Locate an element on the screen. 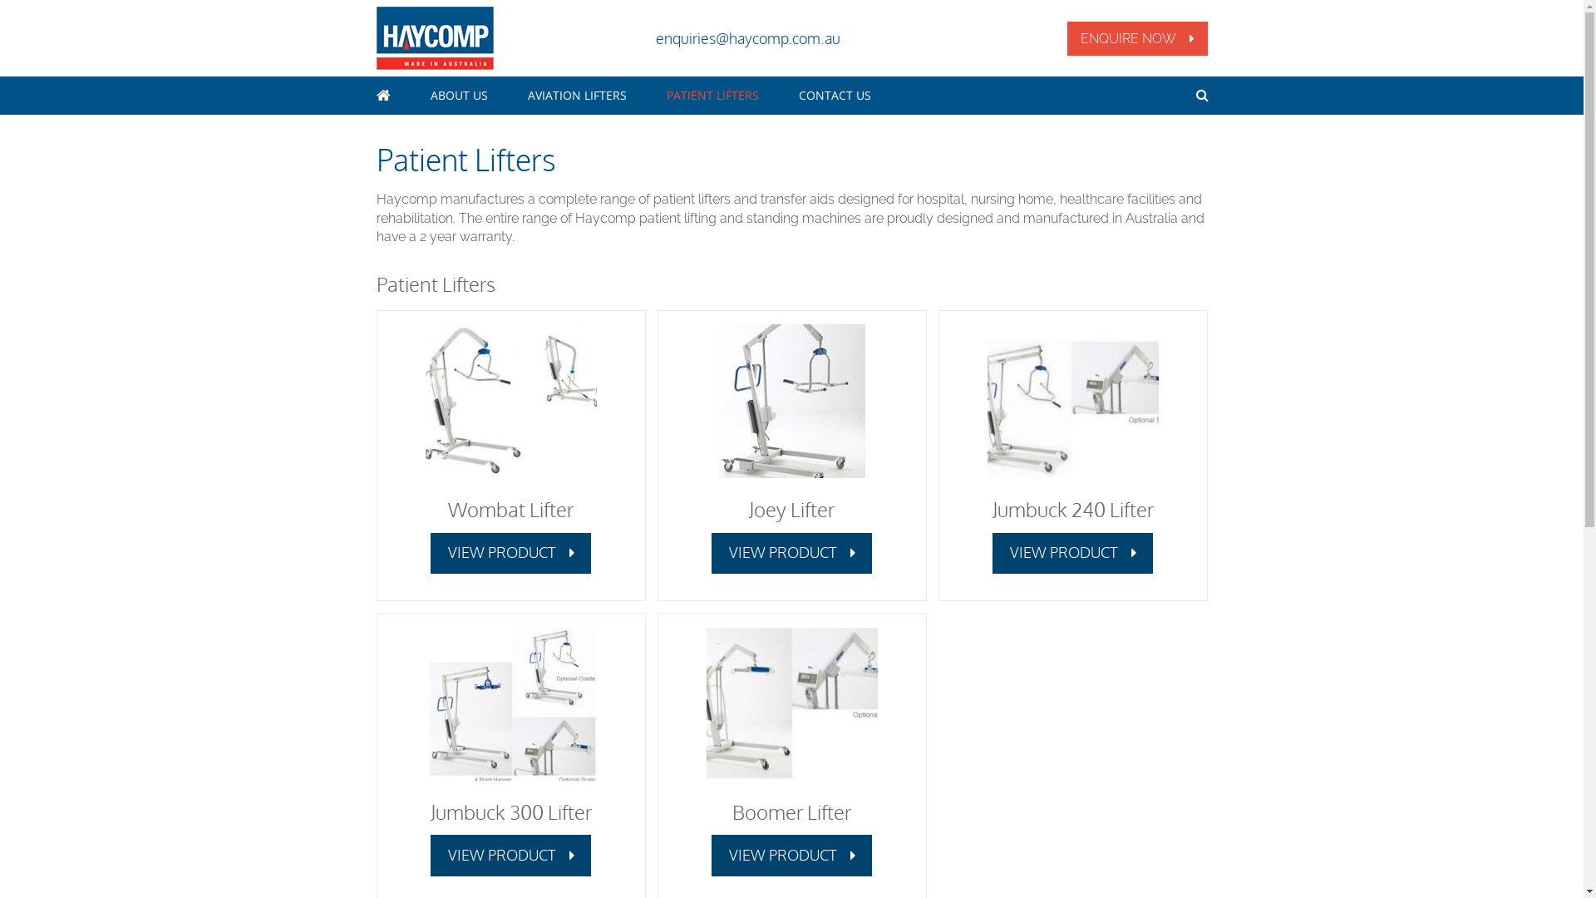 The height and width of the screenshot is (898, 1596). 'CONTACT US' is located at coordinates (834, 96).